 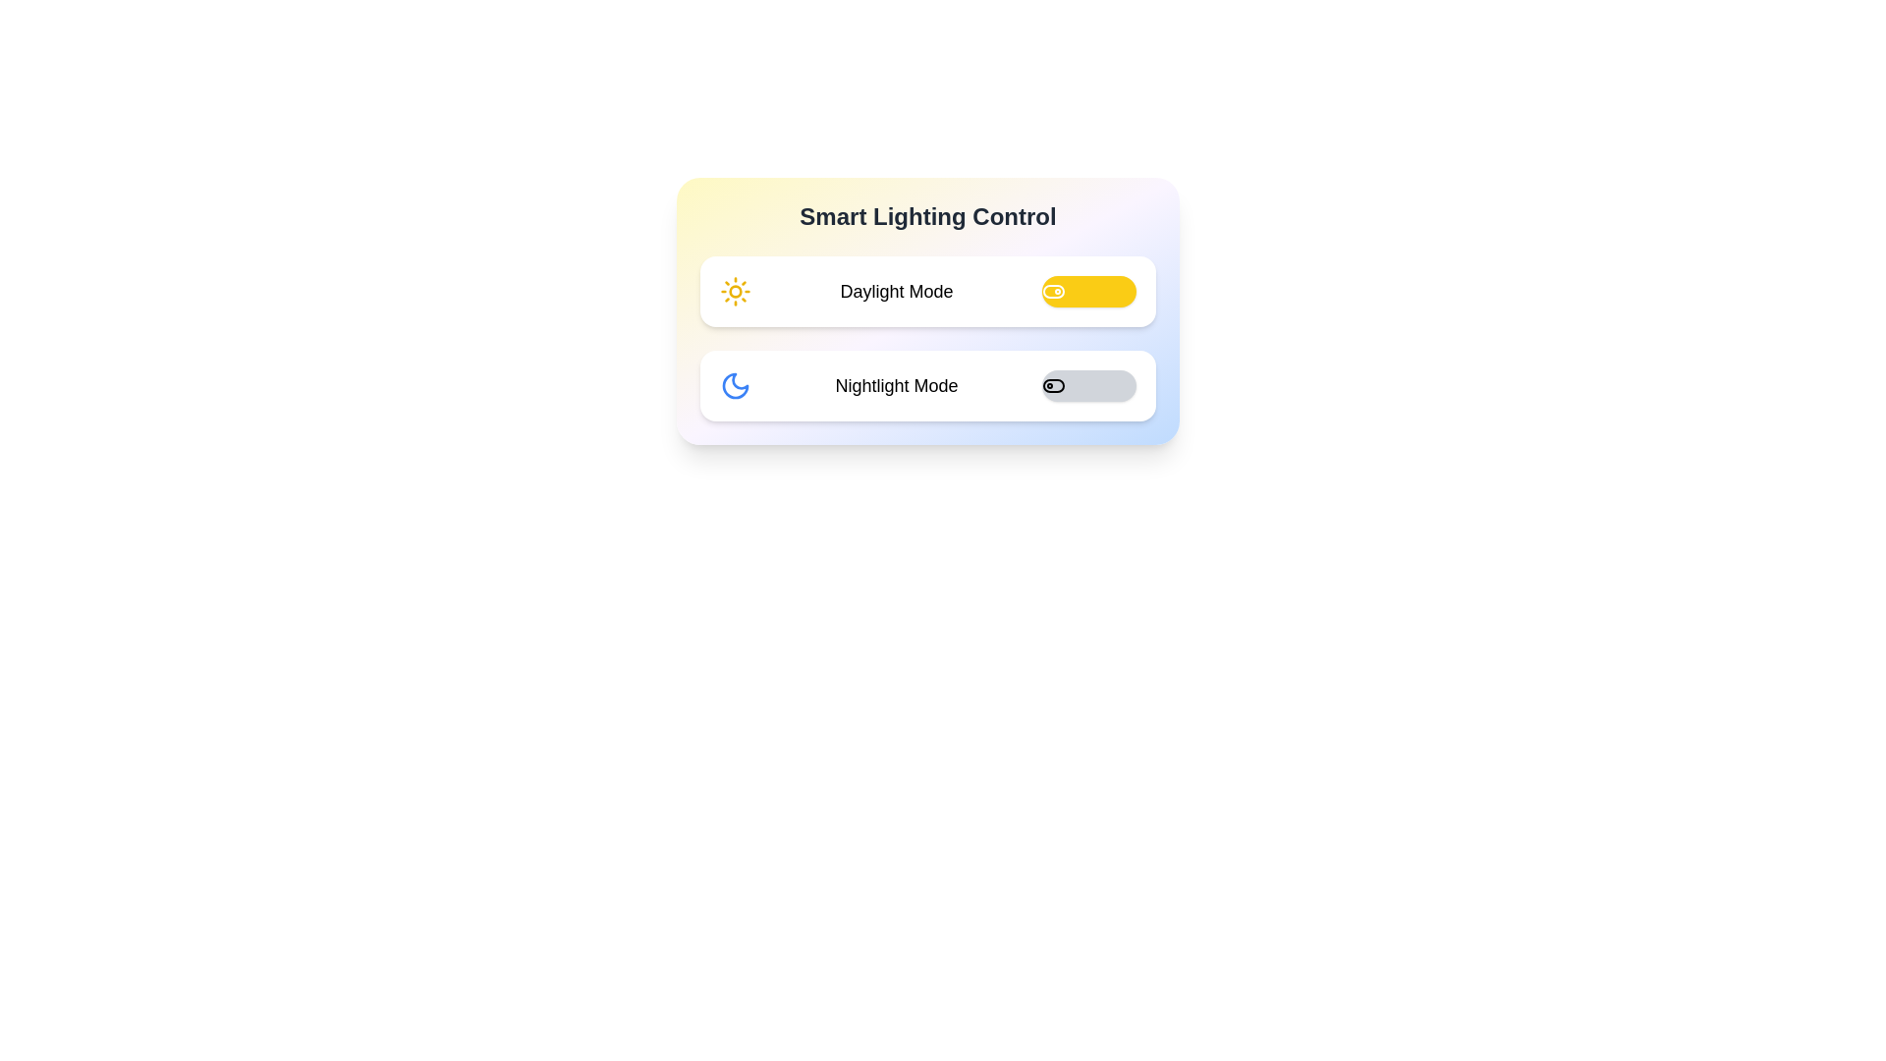 I want to click on the blue moon icon located in the 'Smart Lighting Control' section, positioned to the left of the 'Nightlight Mode' text, so click(x=734, y=386).